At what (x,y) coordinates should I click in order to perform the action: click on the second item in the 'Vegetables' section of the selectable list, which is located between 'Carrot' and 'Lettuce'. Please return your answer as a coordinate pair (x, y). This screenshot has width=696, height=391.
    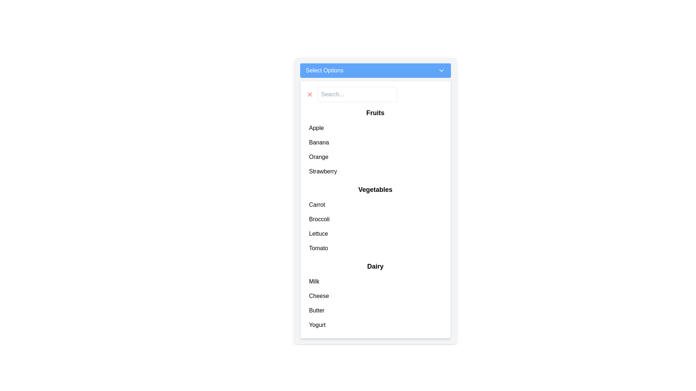
    Looking at the image, I should click on (319, 219).